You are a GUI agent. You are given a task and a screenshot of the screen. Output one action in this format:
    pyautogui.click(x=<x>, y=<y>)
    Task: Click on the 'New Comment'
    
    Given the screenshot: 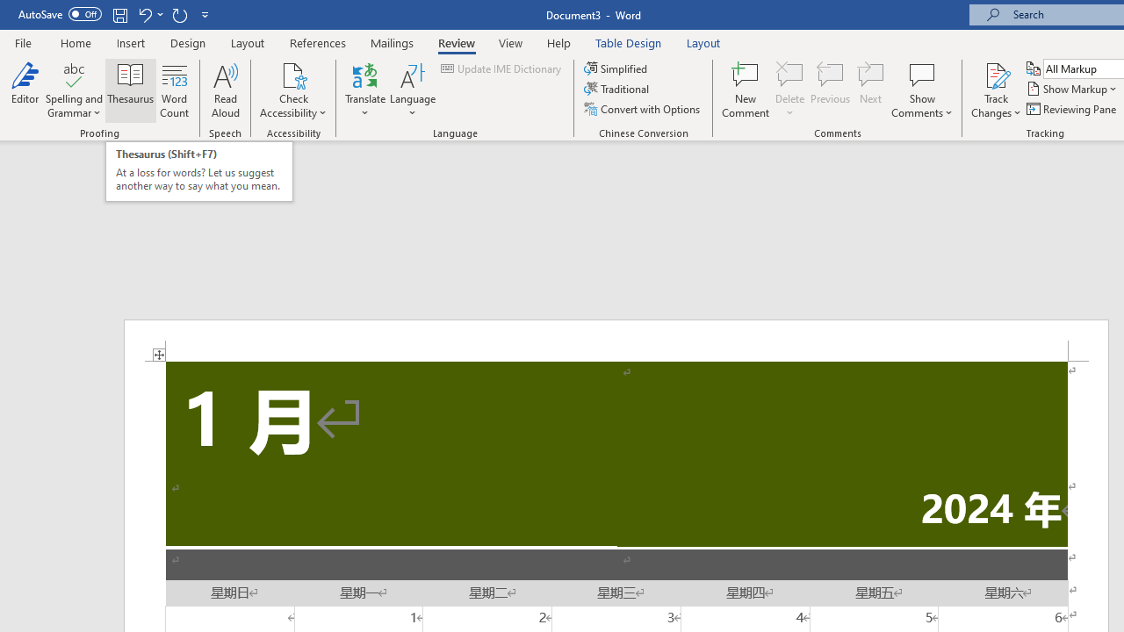 What is the action you would take?
    pyautogui.click(x=746, y=90)
    